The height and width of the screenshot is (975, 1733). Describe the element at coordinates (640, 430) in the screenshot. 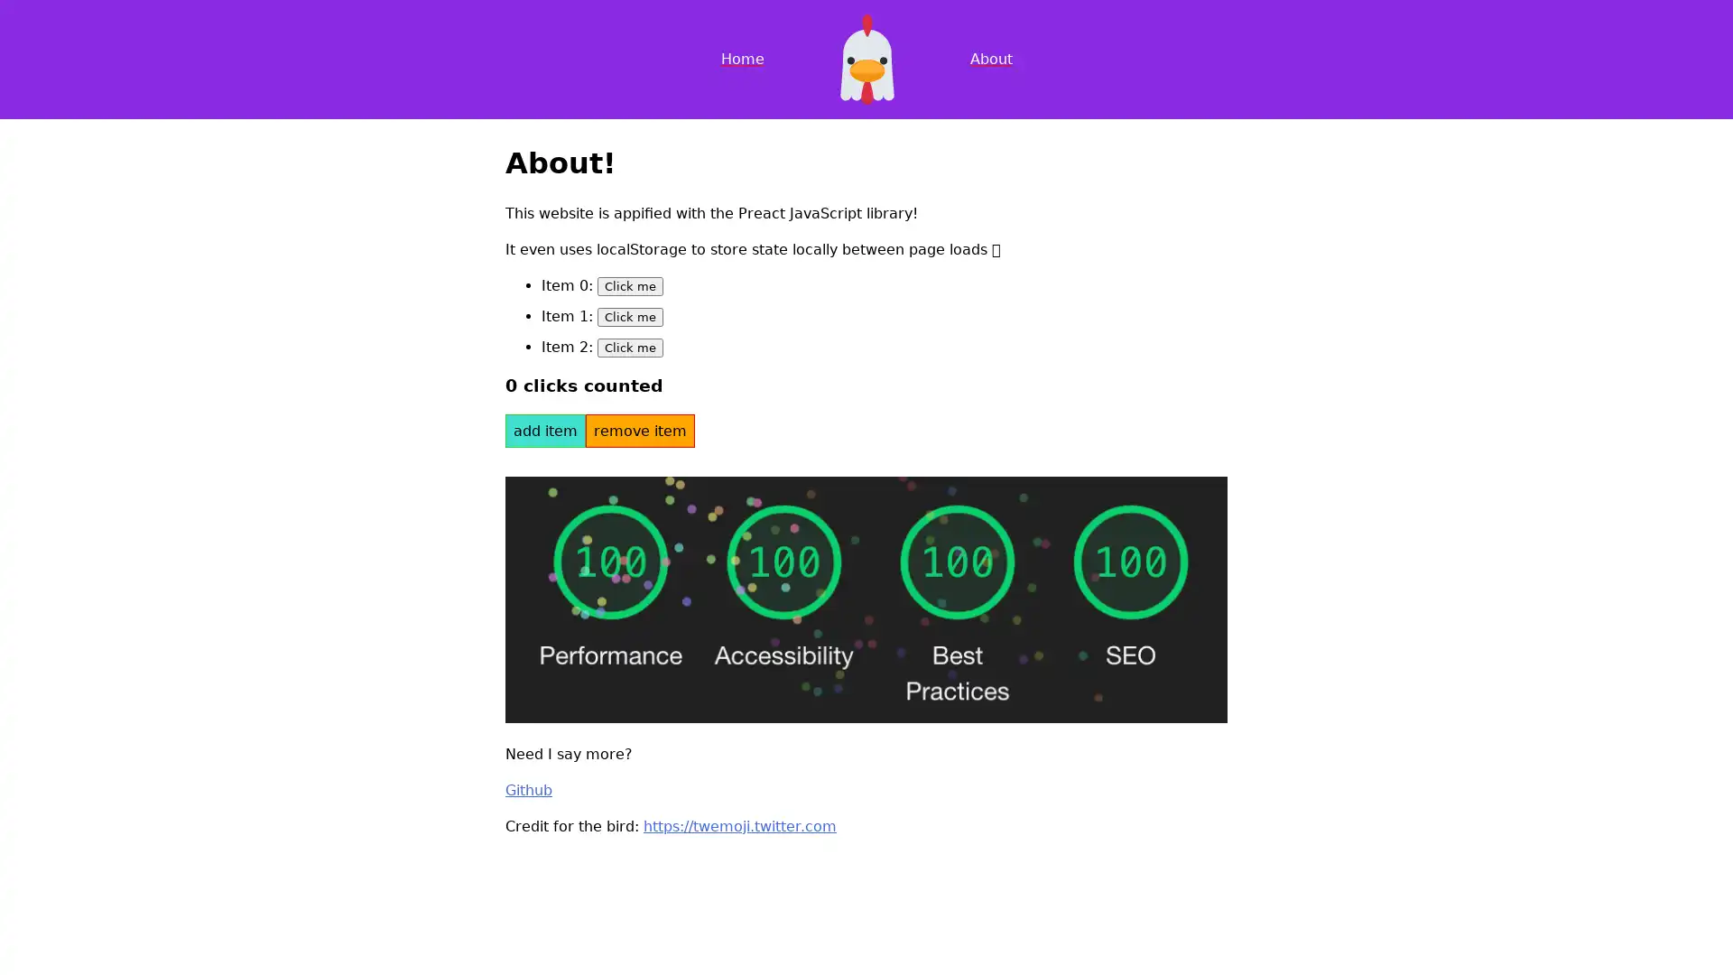

I see `remove item` at that location.